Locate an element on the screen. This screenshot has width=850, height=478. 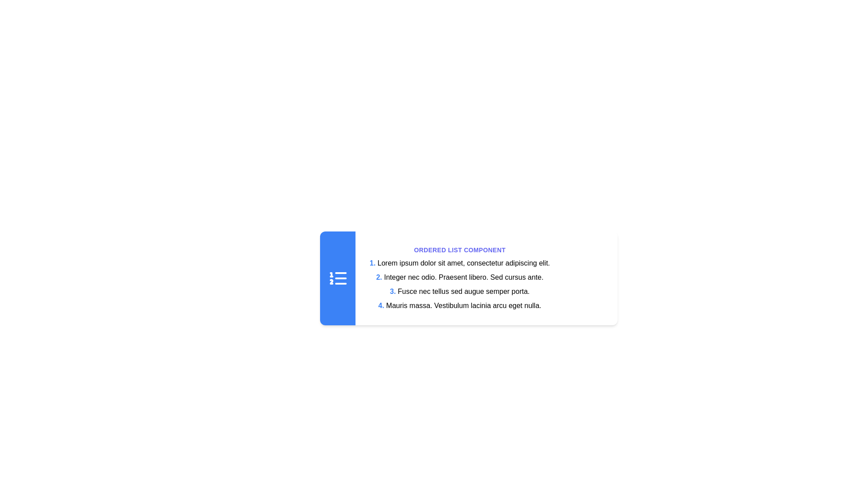
the third item in the ordered list below the heading 'Ordered List Component' is located at coordinates (460, 285).